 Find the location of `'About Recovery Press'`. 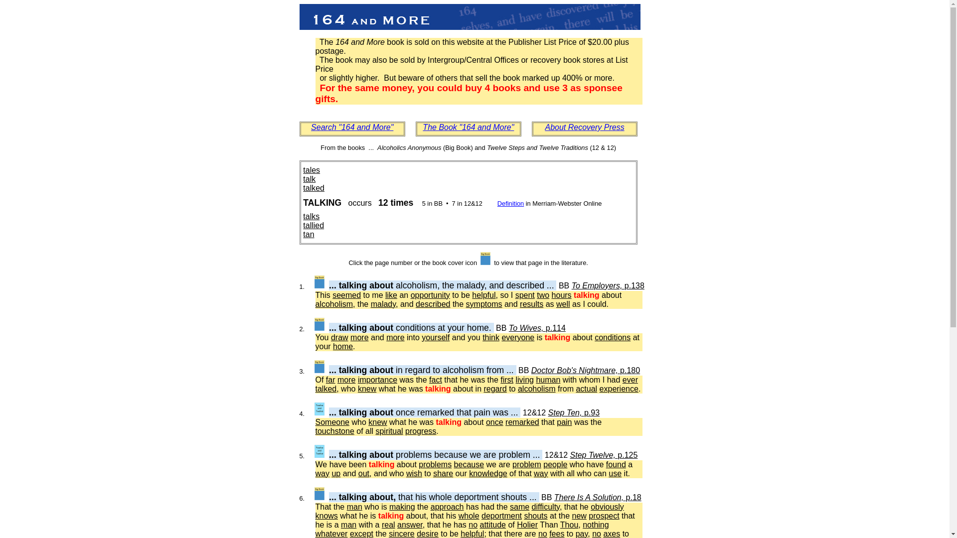

'About Recovery Press' is located at coordinates (584, 127).